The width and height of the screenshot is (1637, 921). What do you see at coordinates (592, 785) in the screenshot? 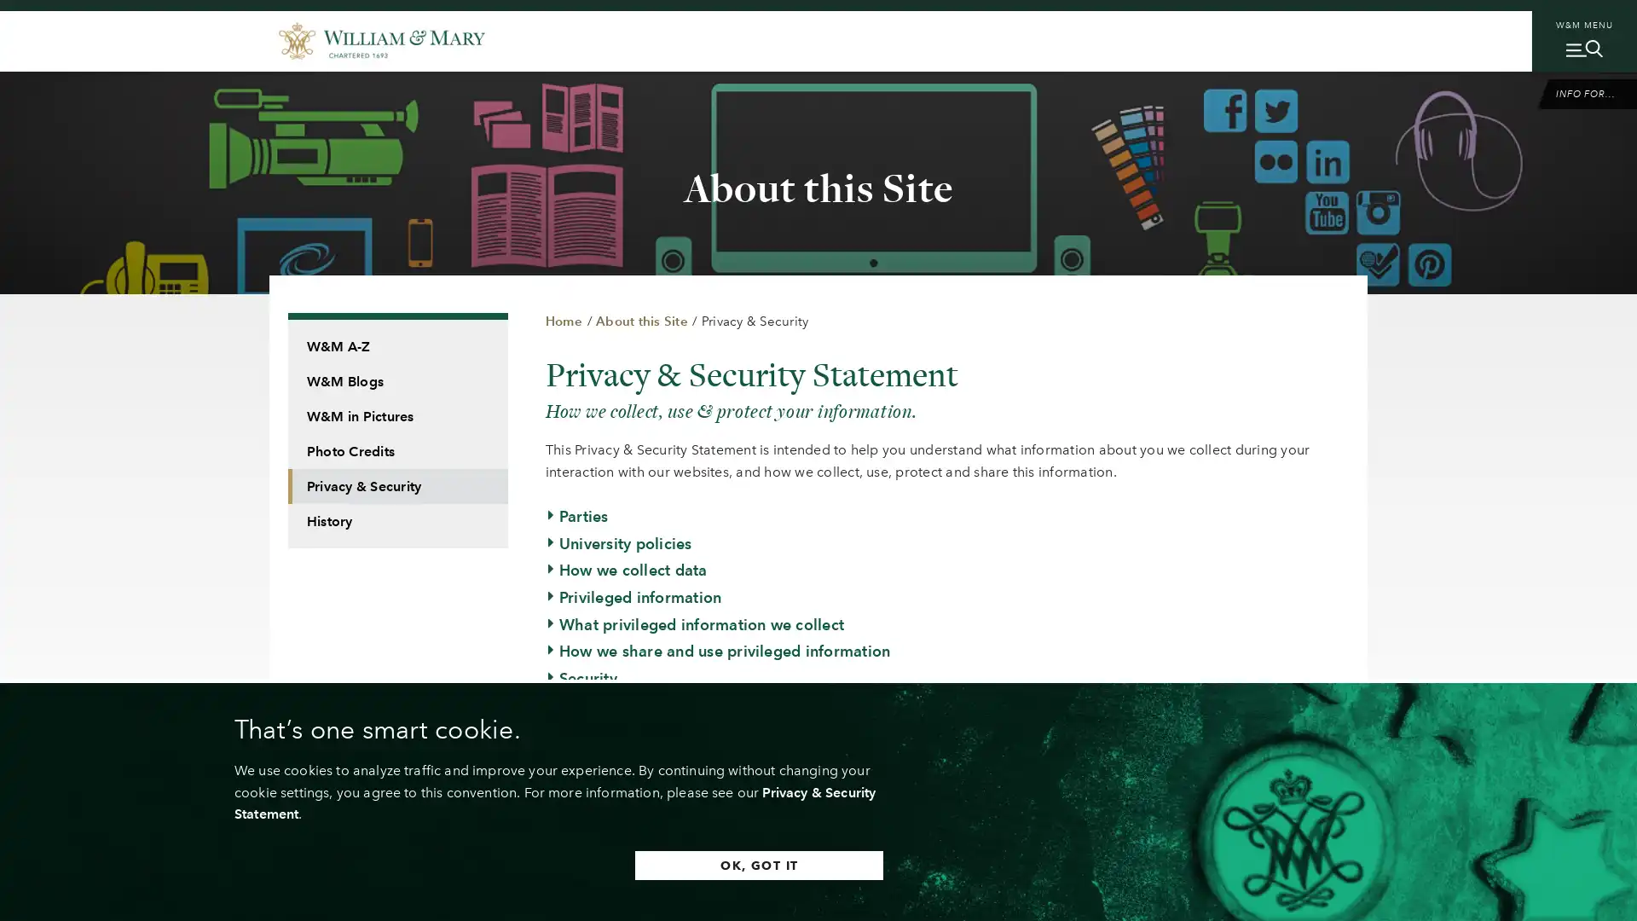
I see `Contact Us` at bounding box center [592, 785].